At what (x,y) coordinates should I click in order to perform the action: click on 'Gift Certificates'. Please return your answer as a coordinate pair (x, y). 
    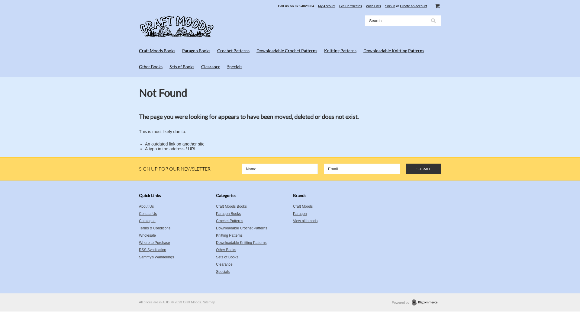
    Looking at the image, I should click on (350, 6).